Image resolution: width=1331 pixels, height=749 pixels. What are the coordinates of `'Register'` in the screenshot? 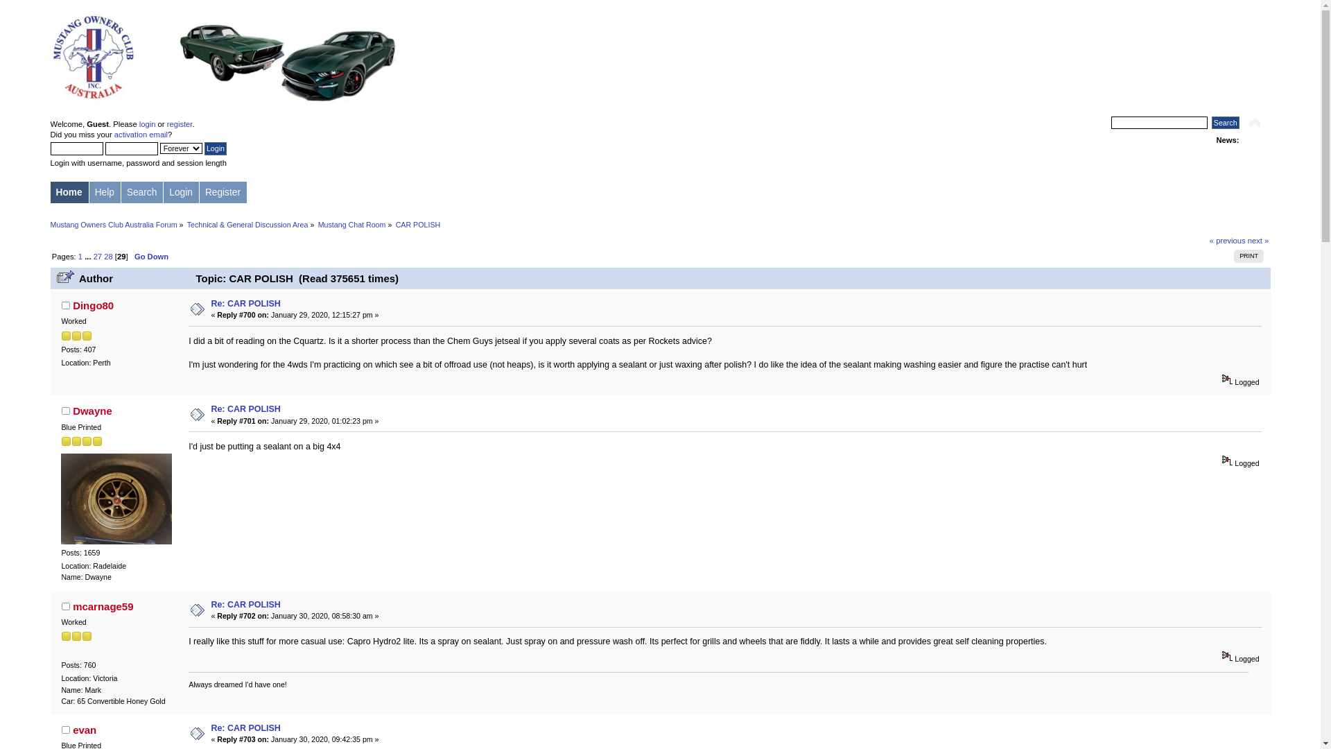 It's located at (223, 192).